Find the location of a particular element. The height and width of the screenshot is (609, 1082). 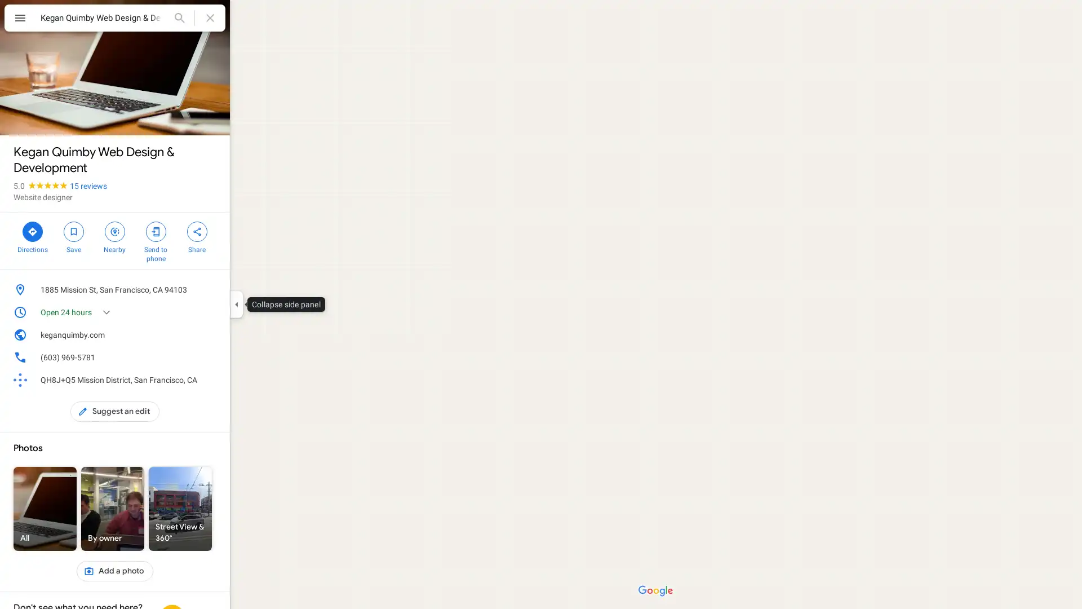

Save Kegan Quimby Web Design & Development in your lists is located at coordinates (73, 236).